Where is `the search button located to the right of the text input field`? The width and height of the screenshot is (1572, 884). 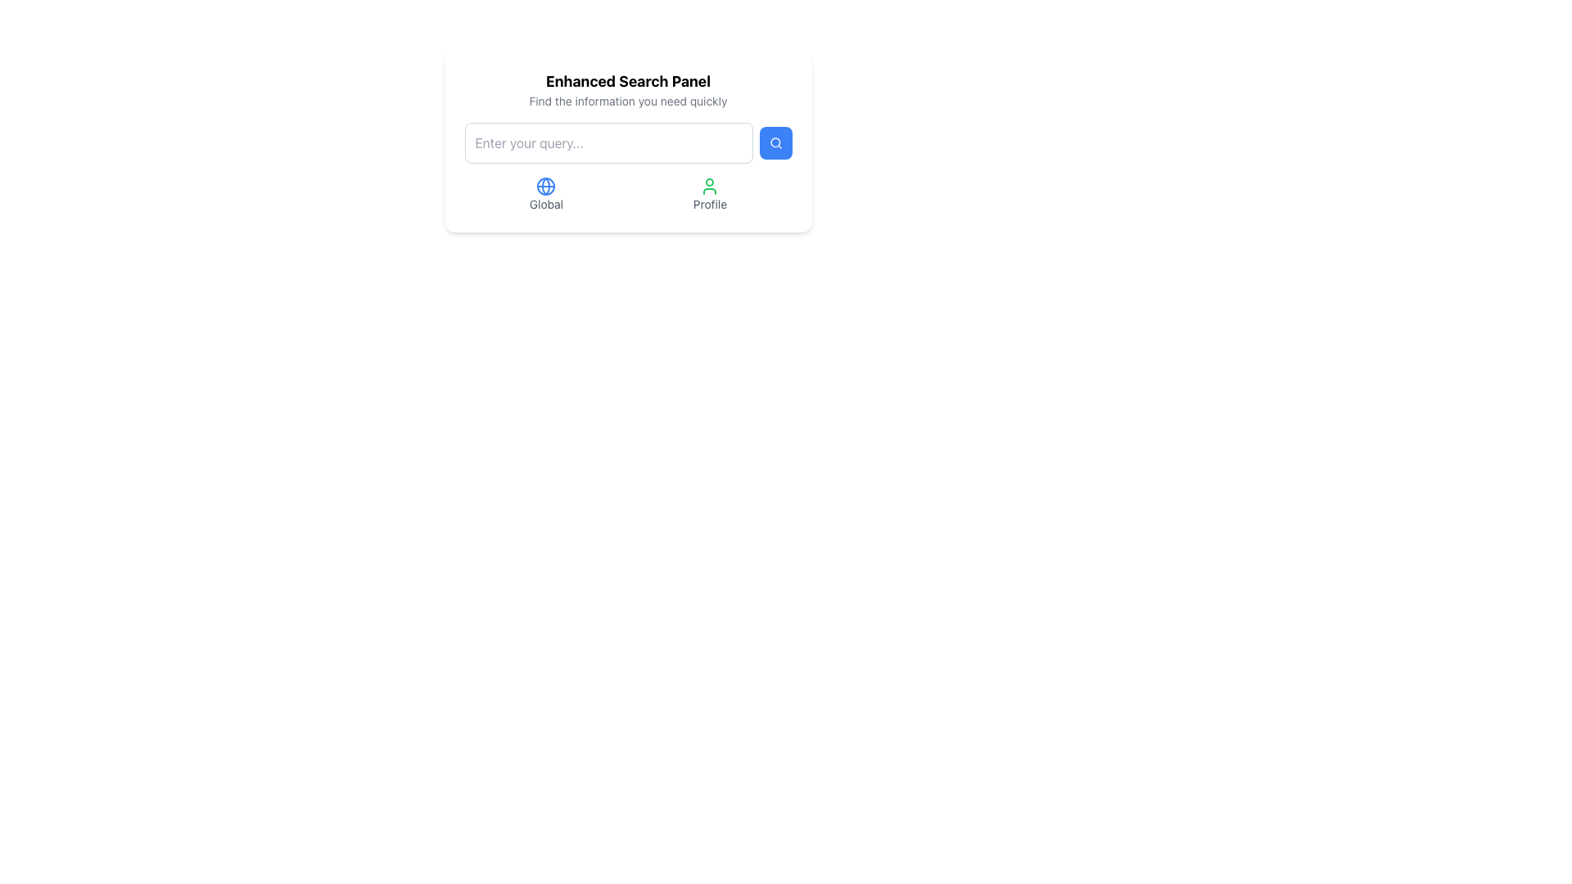
the search button located to the right of the text input field is located at coordinates (775, 142).